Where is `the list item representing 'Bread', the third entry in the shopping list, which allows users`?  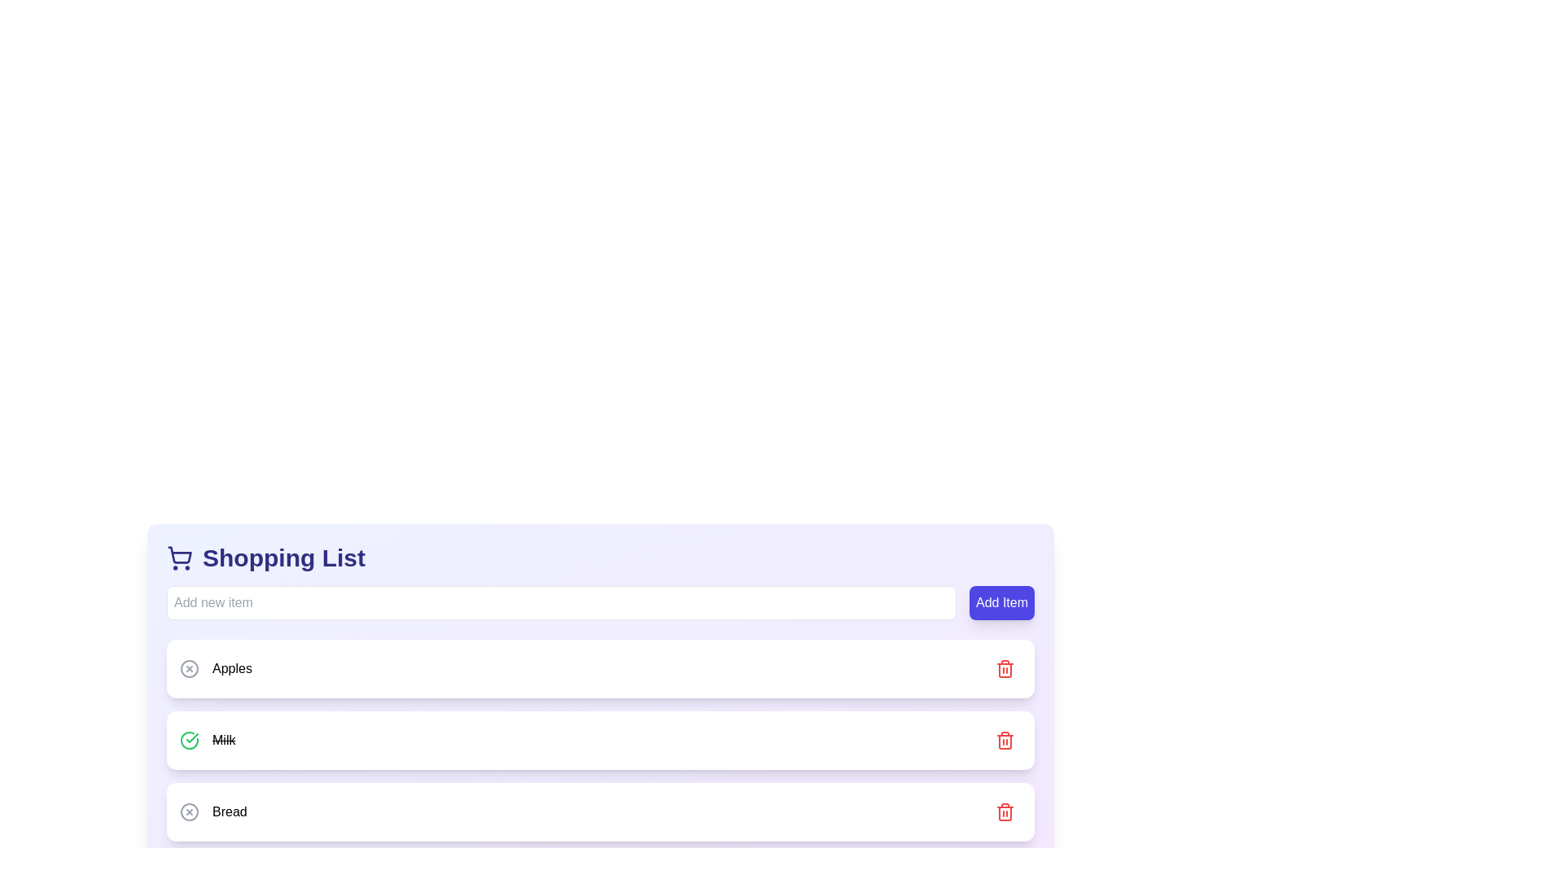
the list item representing 'Bread', the third entry in the shopping list, which allows users is located at coordinates (600, 812).